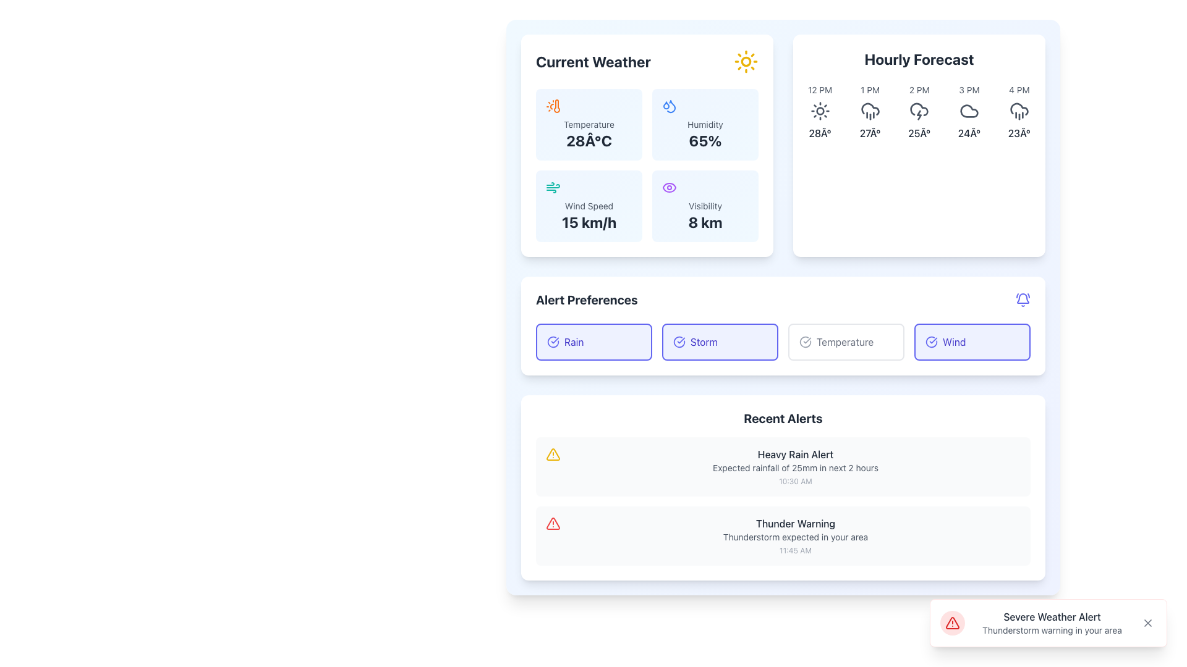 The width and height of the screenshot is (1187, 667). I want to click on the third list item in the Hourly Forecast section that displays the weather forecast for 2 PM, so click(919, 112).